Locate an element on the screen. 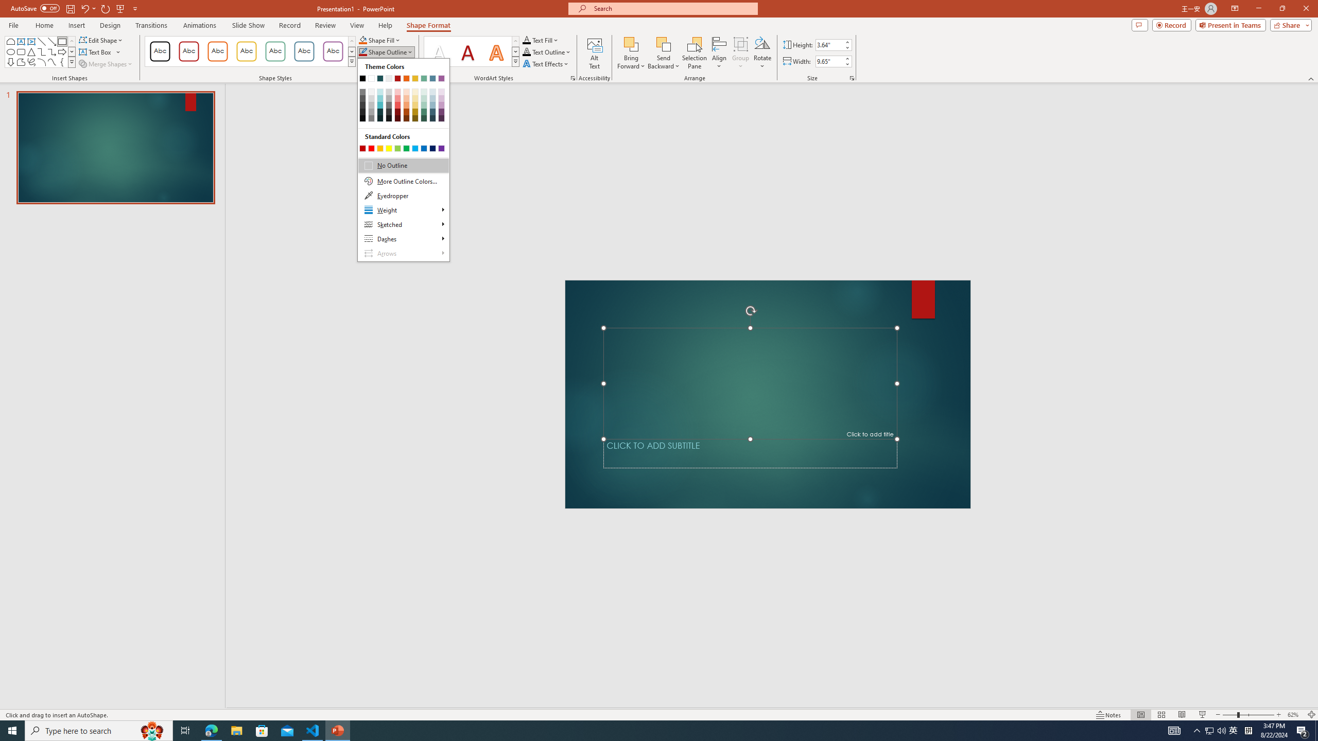 This screenshot has width=1318, height=741. 'Colored Outline - Gold, Accent 3' is located at coordinates (246, 51).